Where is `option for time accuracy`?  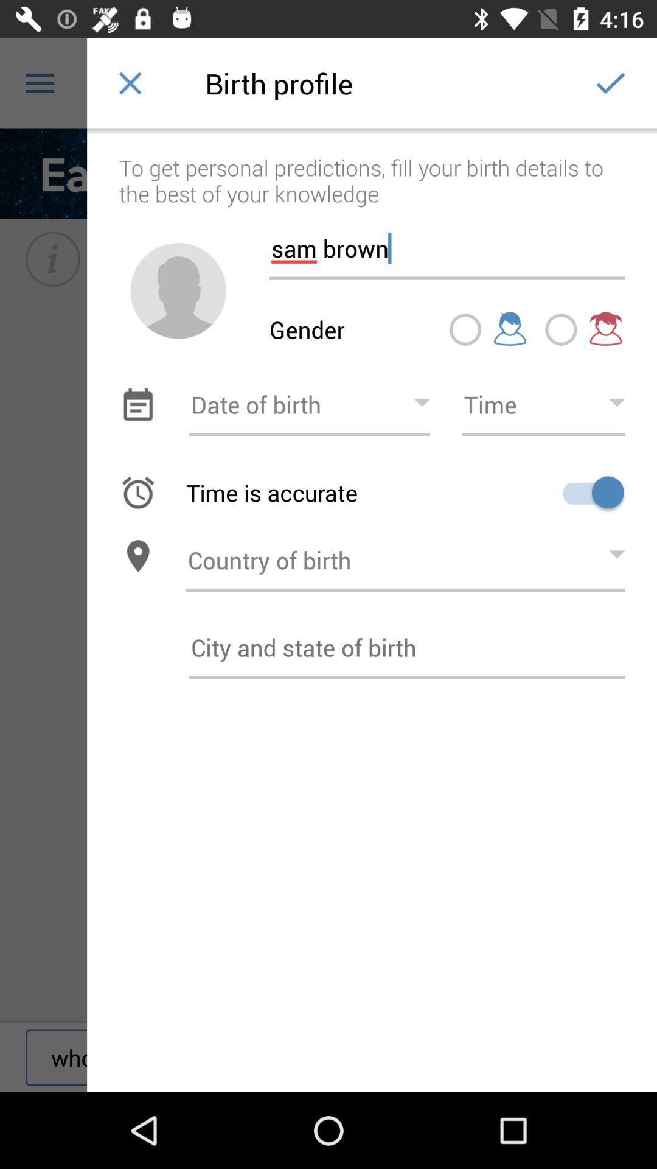
option for time accuracy is located at coordinates (588, 492).